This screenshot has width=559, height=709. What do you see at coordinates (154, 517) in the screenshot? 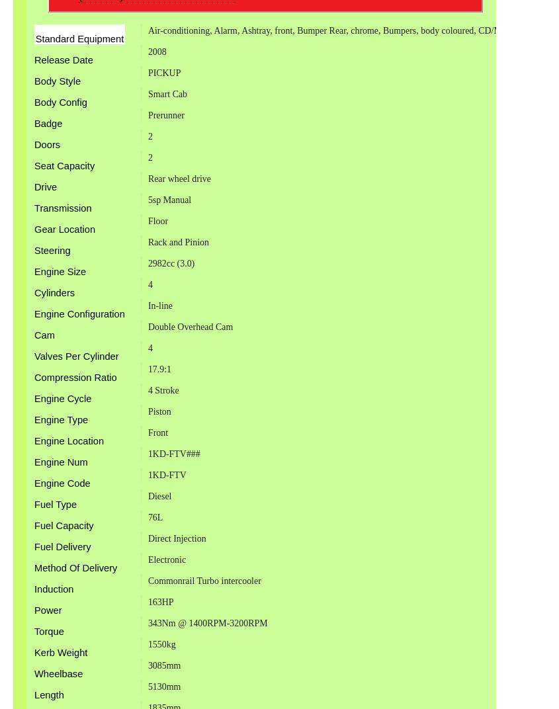
I see `'76L'` at bounding box center [154, 517].